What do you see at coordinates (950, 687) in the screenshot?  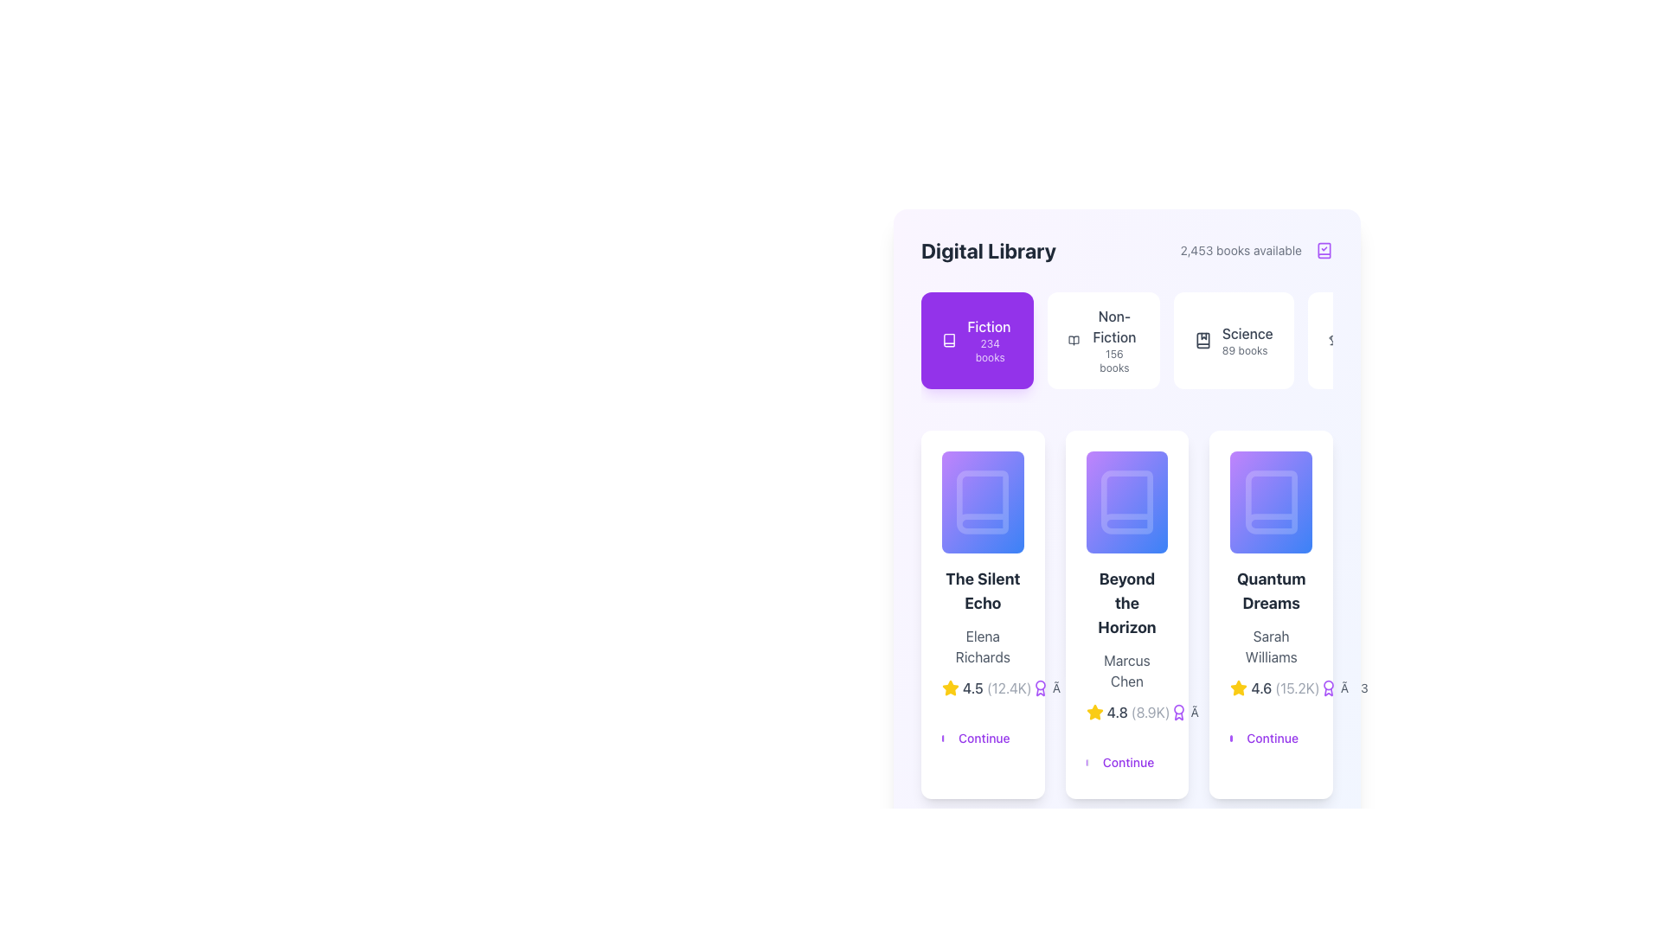 I see `the rating icon for 'The Silent Echo' book, which is positioned to the left of the text '4.5' and '(12.4K)' in the rating section` at bounding box center [950, 687].